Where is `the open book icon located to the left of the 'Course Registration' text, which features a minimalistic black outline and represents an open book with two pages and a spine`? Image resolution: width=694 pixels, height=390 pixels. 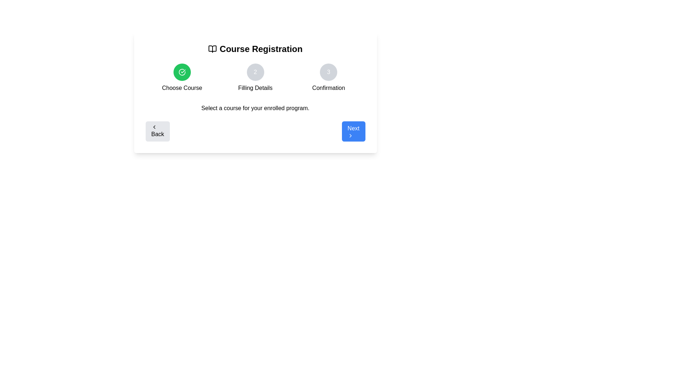
the open book icon located to the left of the 'Course Registration' text, which features a minimalistic black outline and represents an open book with two pages and a spine is located at coordinates (212, 49).